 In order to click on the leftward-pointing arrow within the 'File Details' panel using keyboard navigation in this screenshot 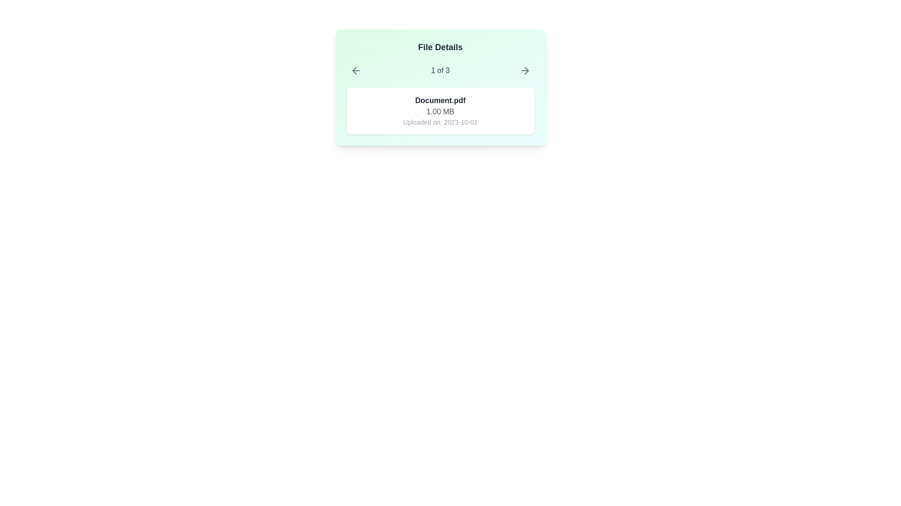, I will do `click(353, 70)`.